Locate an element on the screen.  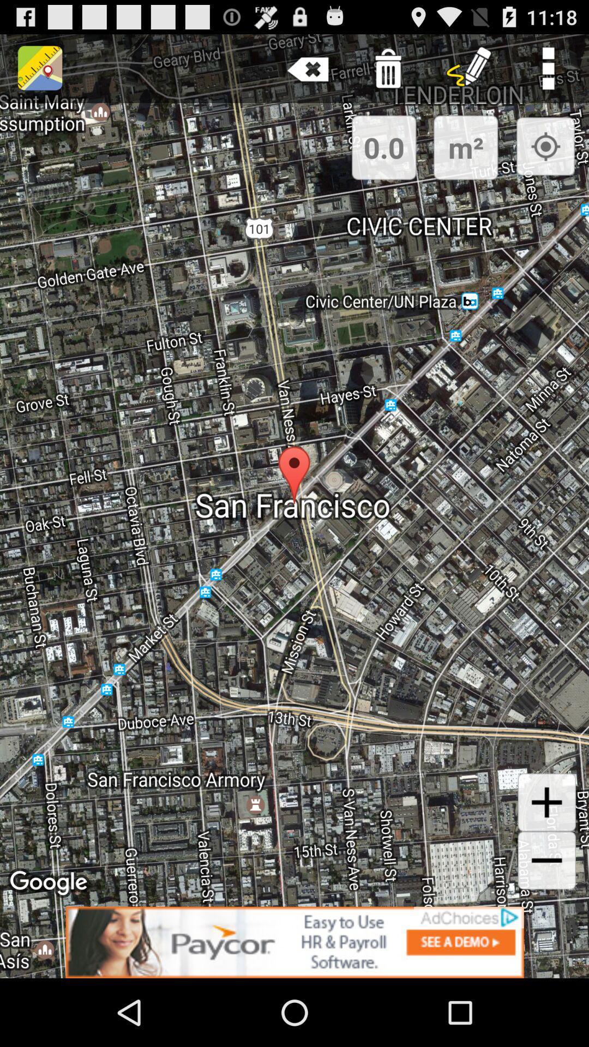
zoom out is located at coordinates (546, 860).